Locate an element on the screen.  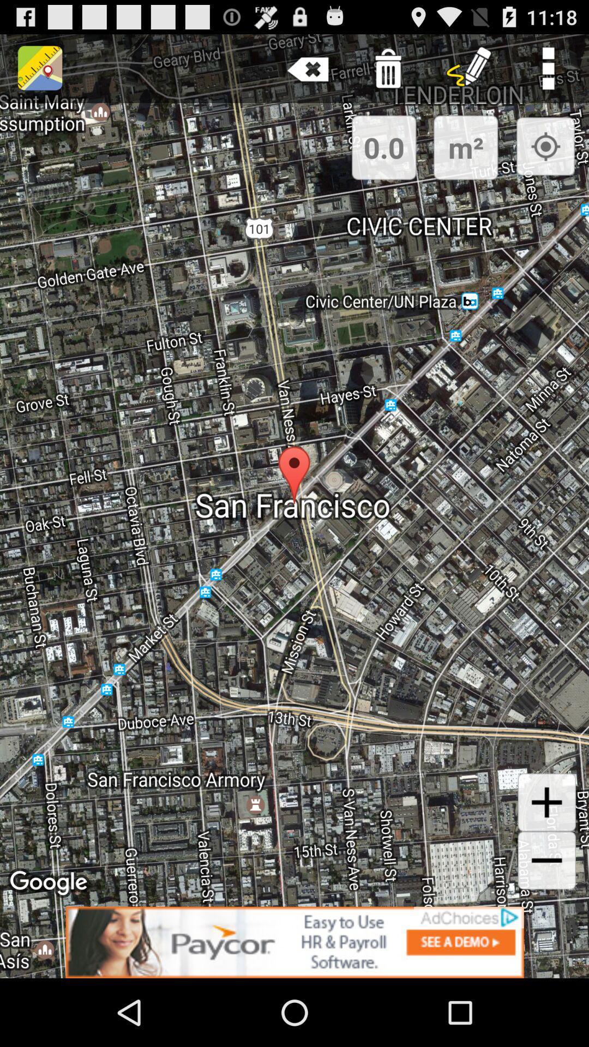
zoom out is located at coordinates (546, 860).